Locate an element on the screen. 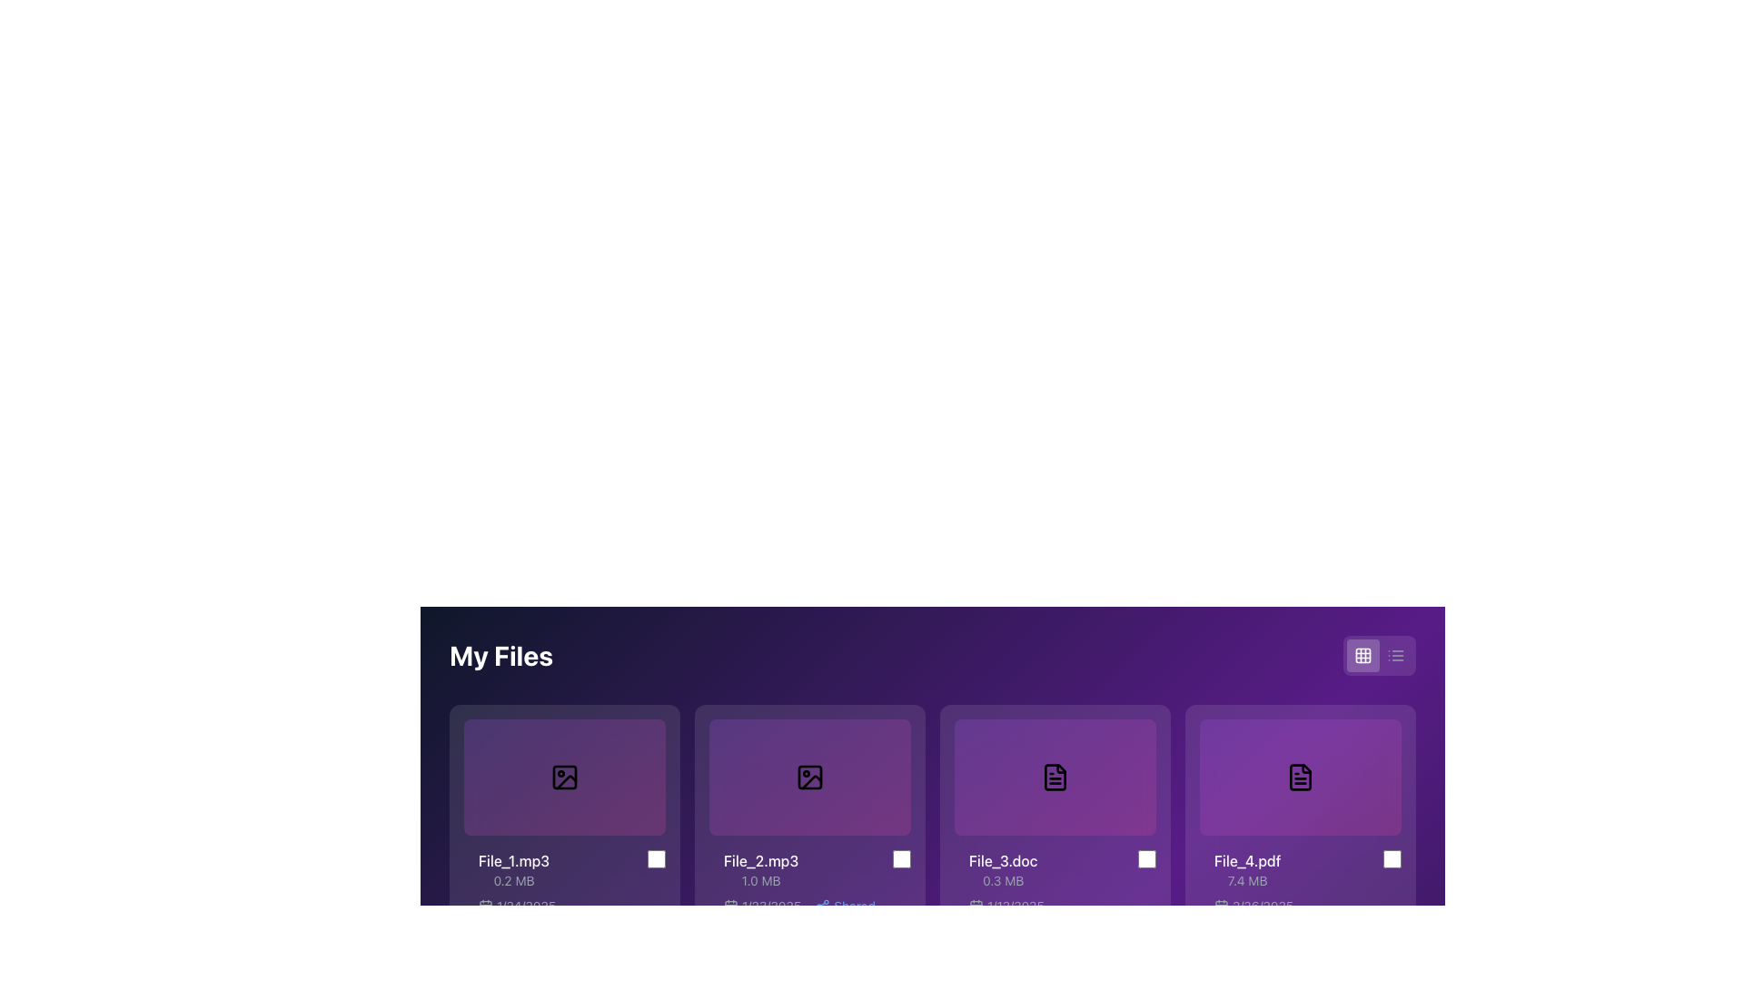 Image resolution: width=1744 pixels, height=981 pixels. the small calendar icon, which is the first element in a horizontal group, positioned within a file display card is located at coordinates (731, 907).